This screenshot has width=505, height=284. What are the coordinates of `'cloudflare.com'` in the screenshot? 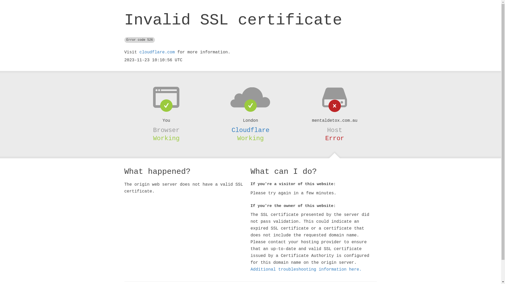 It's located at (156, 52).